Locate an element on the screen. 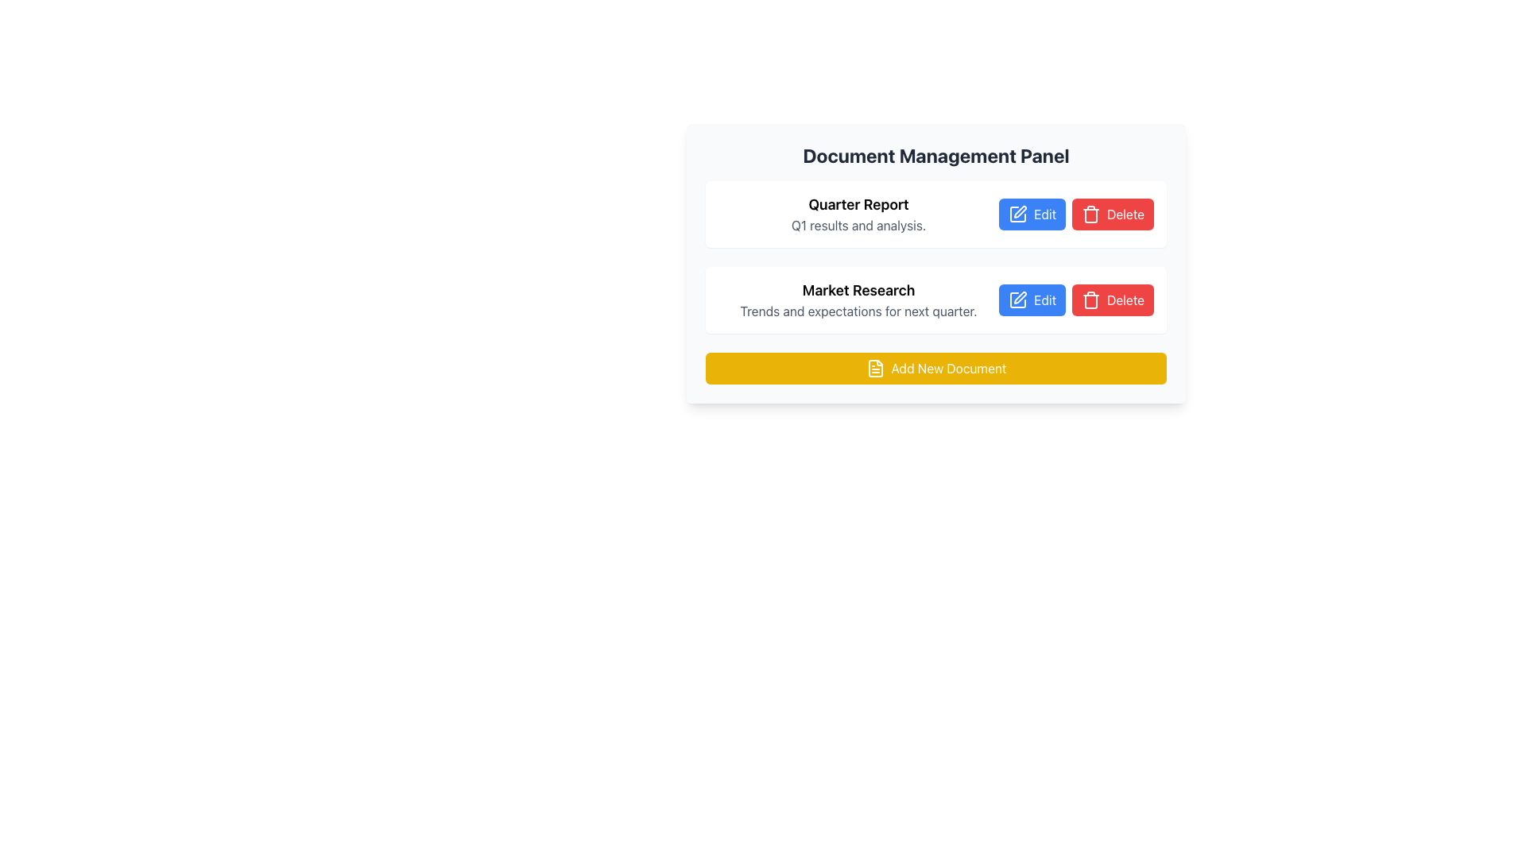 Image resolution: width=1526 pixels, height=858 pixels. keyboard navigation is located at coordinates (935, 368).